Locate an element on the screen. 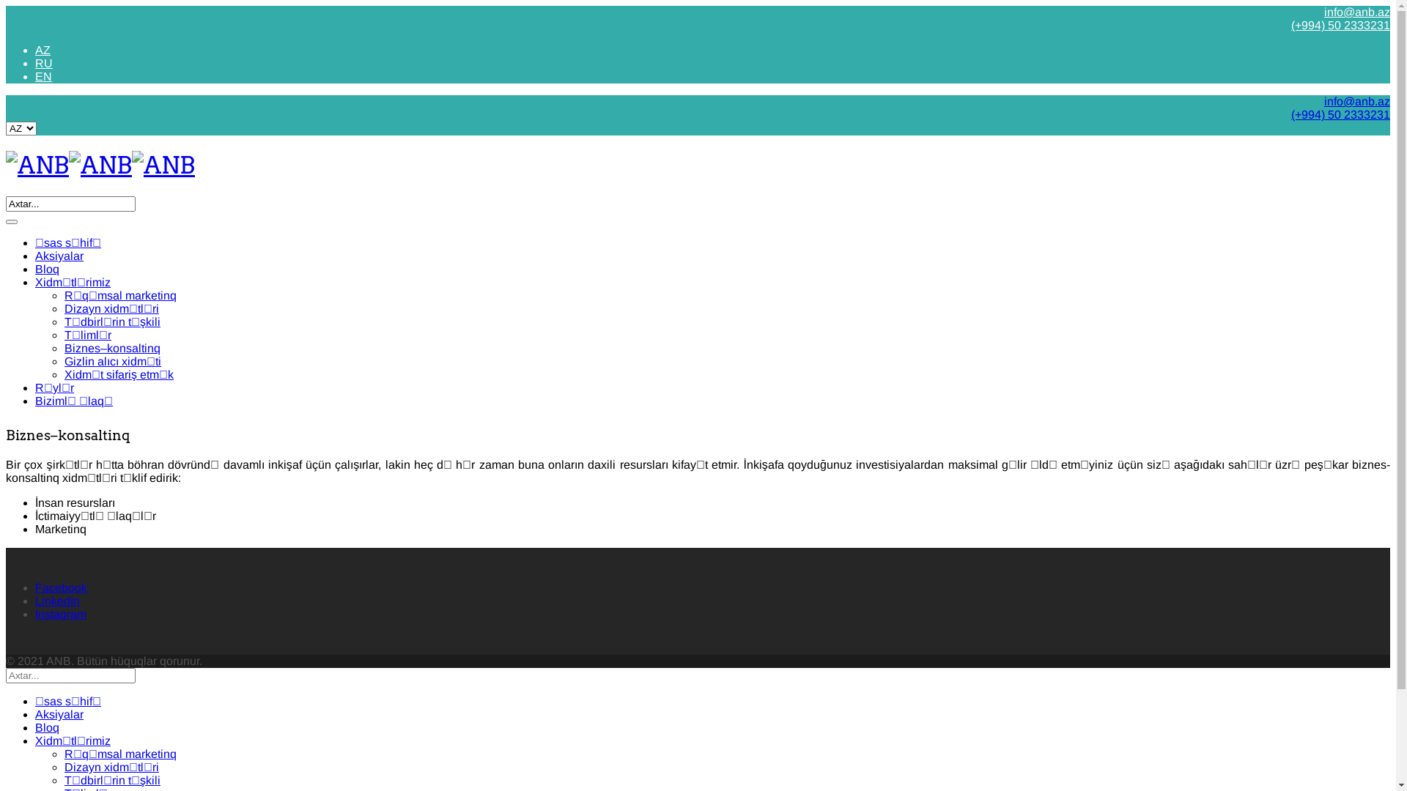 Image resolution: width=1407 pixels, height=791 pixels. 'EN' is located at coordinates (43, 76).